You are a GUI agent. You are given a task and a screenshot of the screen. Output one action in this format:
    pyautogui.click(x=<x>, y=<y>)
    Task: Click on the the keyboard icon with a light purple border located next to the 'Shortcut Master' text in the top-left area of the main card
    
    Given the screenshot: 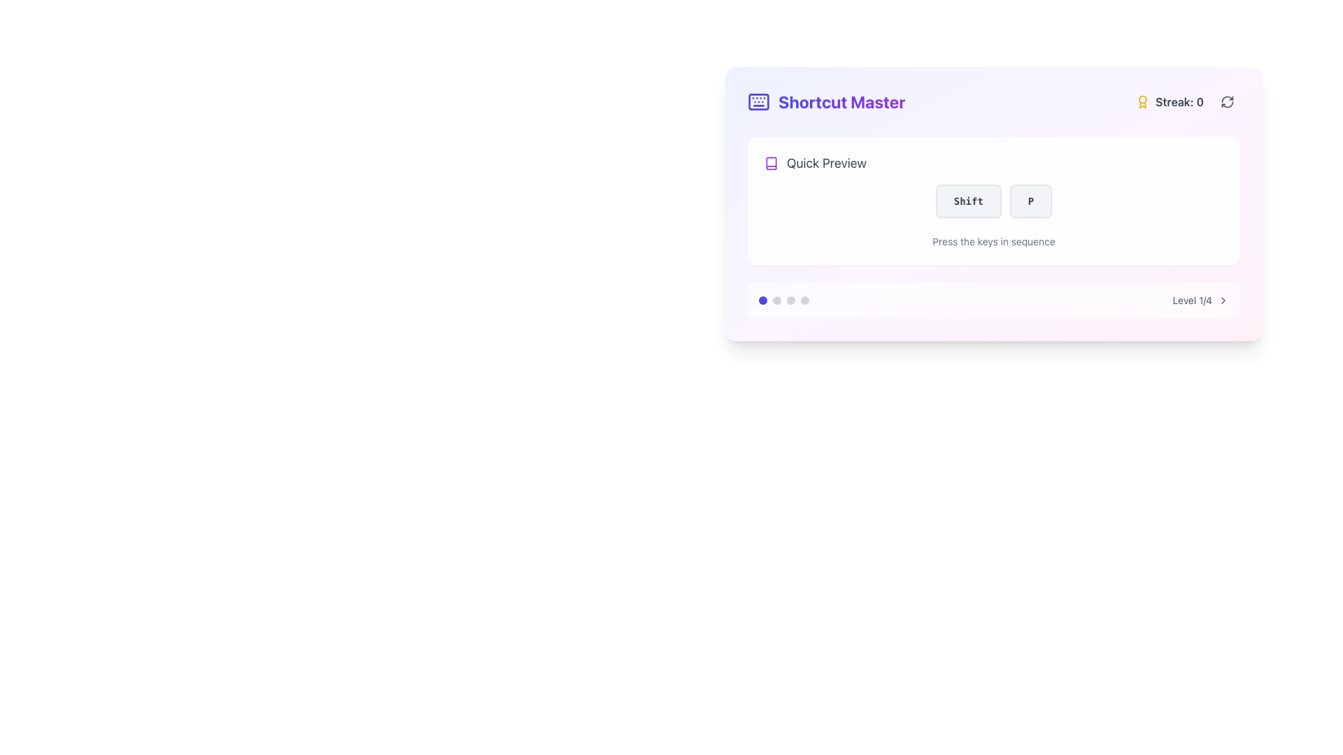 What is the action you would take?
    pyautogui.click(x=758, y=101)
    